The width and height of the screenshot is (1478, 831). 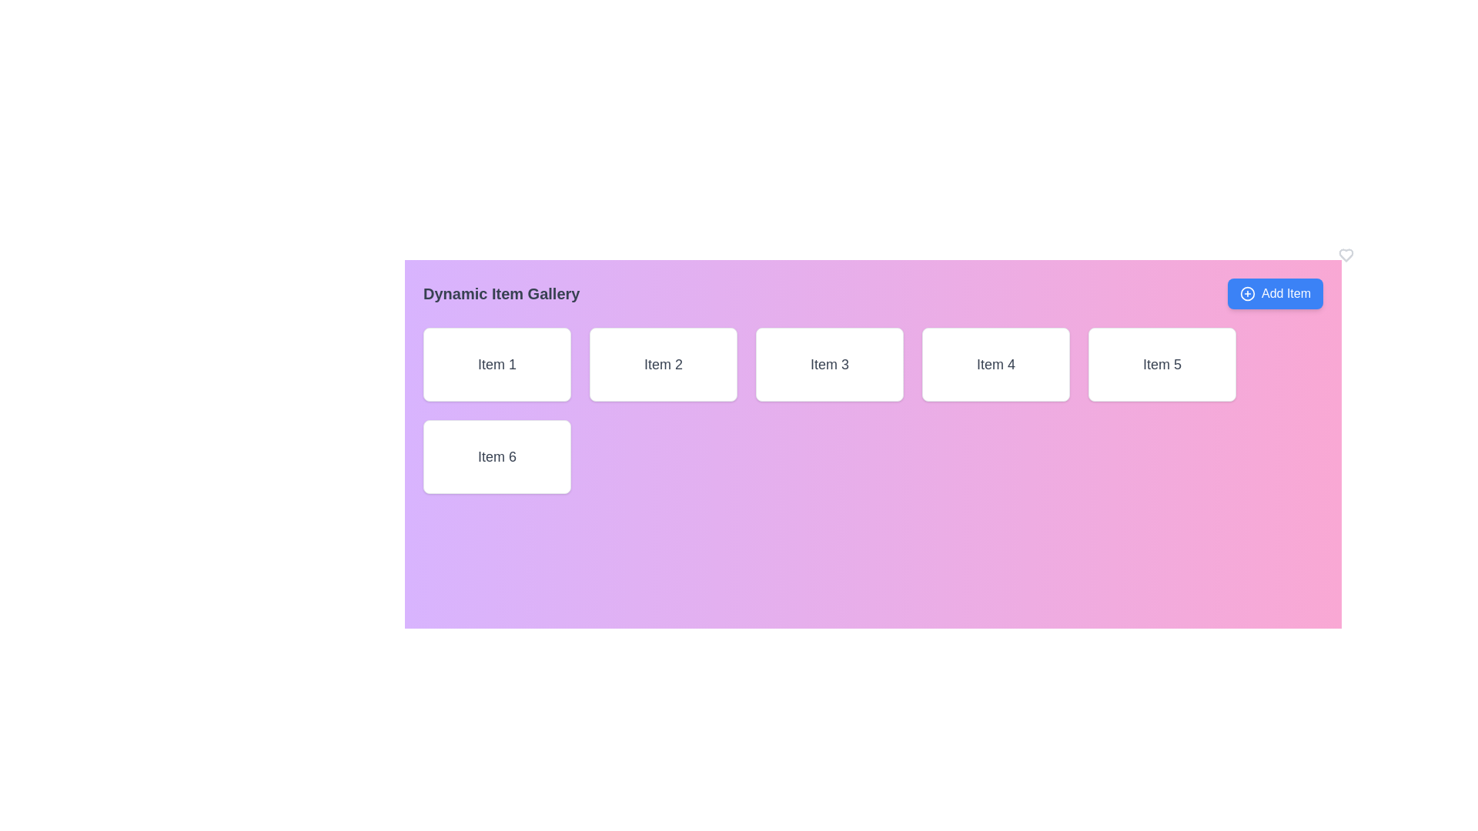 What do you see at coordinates (497, 365) in the screenshot?
I see `the first card in the 'Dynamic Item Gallery' section, which has a white background, rounded corners, and contains the text 'Item 1' in medium gray font` at bounding box center [497, 365].